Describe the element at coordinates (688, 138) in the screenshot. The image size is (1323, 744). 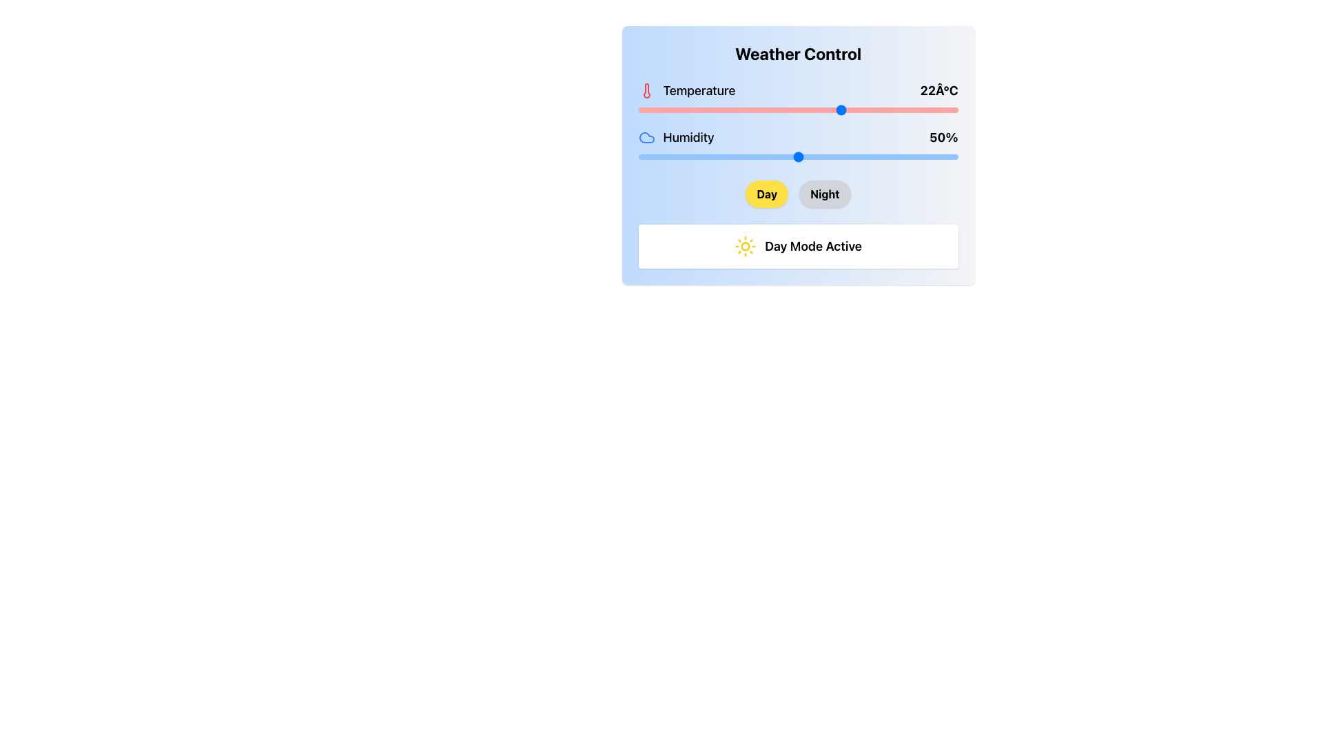
I see `the 'Humidity' text label, which is styled with medium importance and located to the right of a blue cloud icon in the 'Temperature' section` at that location.